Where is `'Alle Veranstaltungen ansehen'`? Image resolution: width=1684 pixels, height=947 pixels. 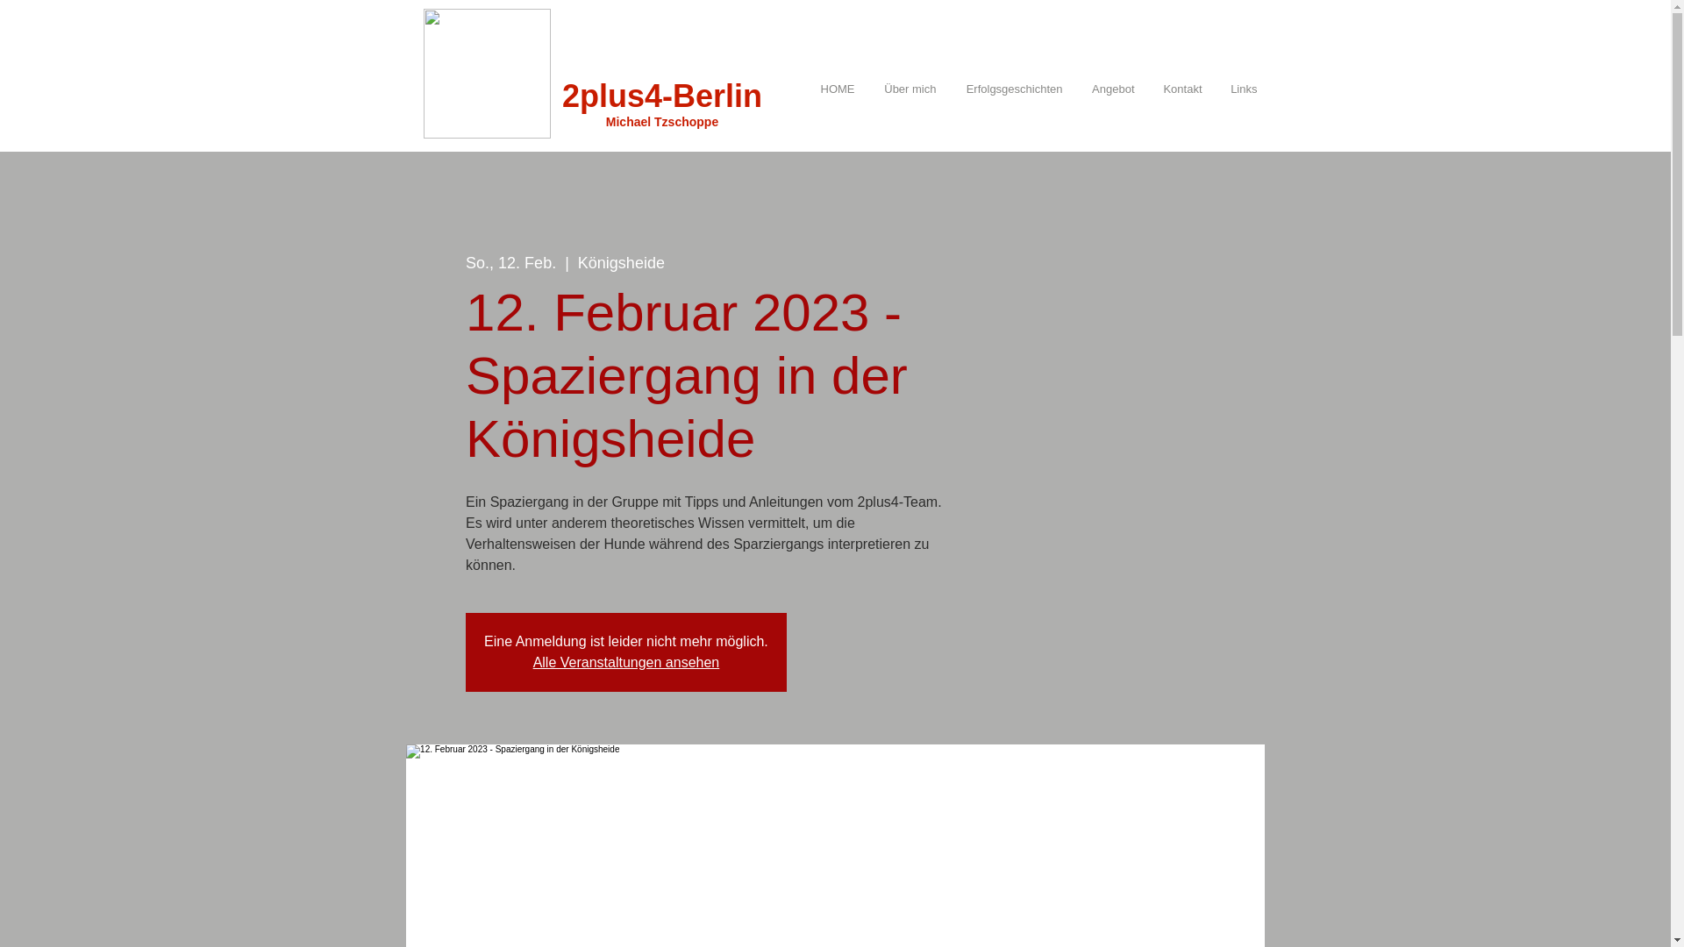
'Alle Veranstaltungen ansehen' is located at coordinates (626, 662).